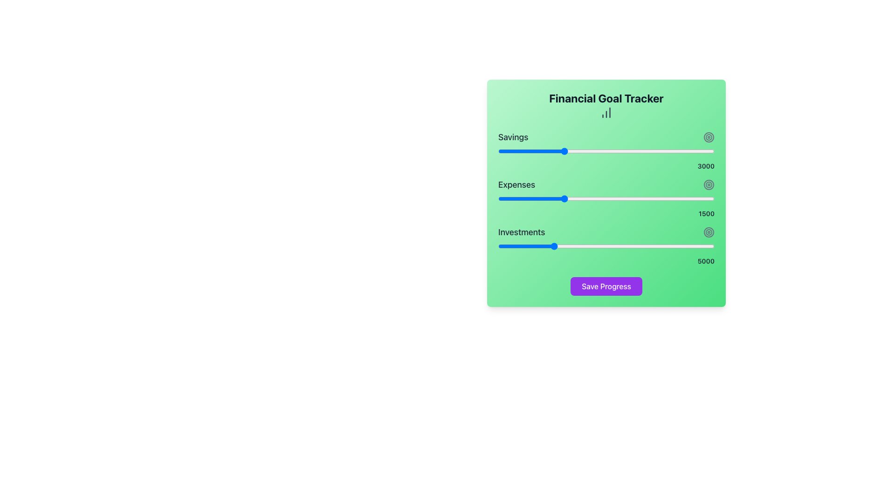 The image size is (895, 503). Describe the element at coordinates (563, 198) in the screenshot. I see `the expense value` at that location.